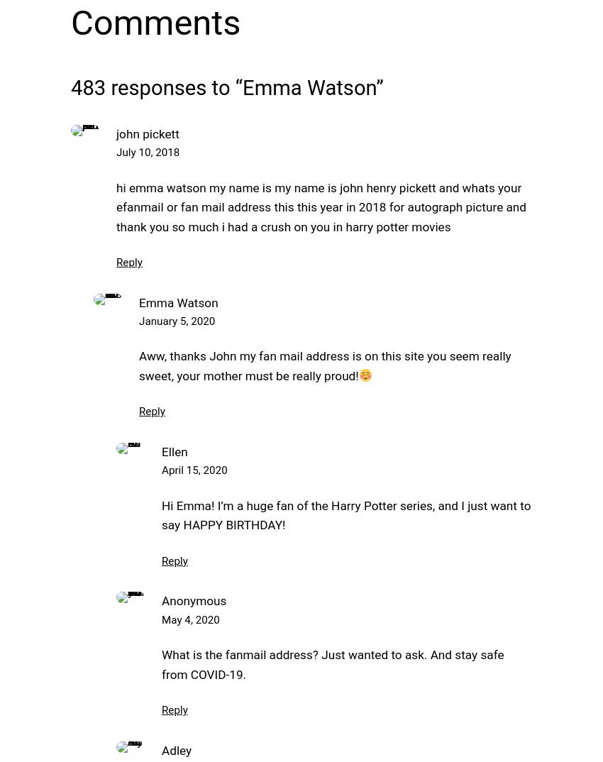 This screenshot has width=603, height=762. I want to click on '483 responses to “Emma Watson”', so click(70, 86).